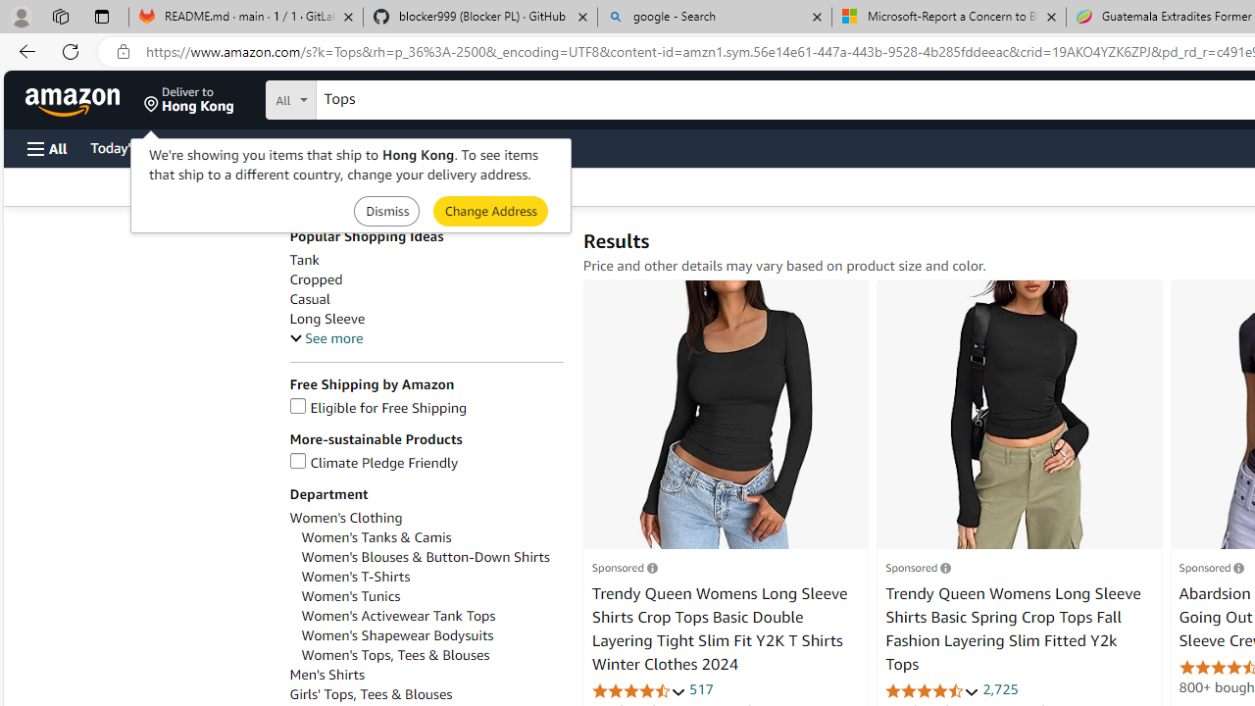  I want to click on 'Women', so click(430, 595).